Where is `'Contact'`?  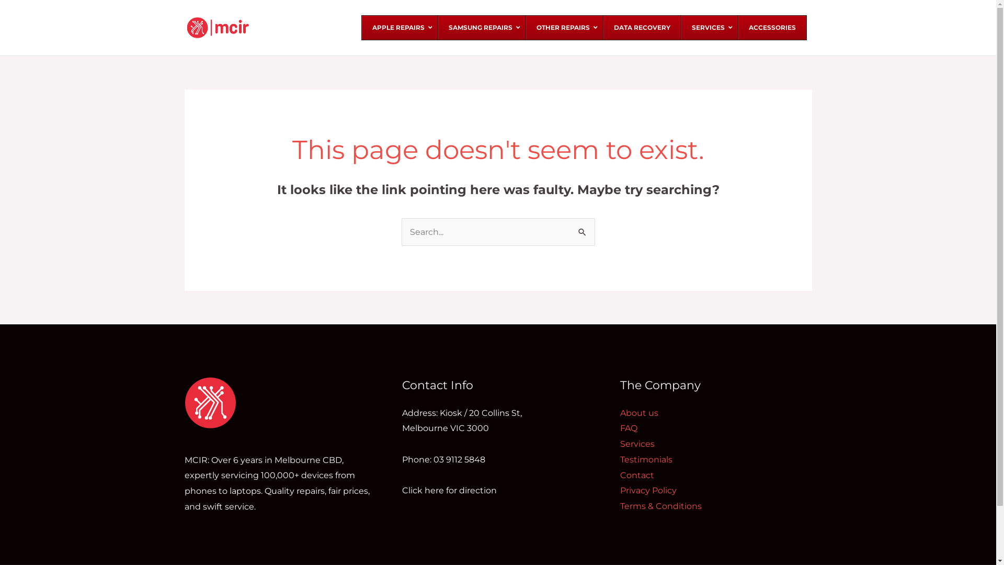
'Contact' is located at coordinates (620, 475).